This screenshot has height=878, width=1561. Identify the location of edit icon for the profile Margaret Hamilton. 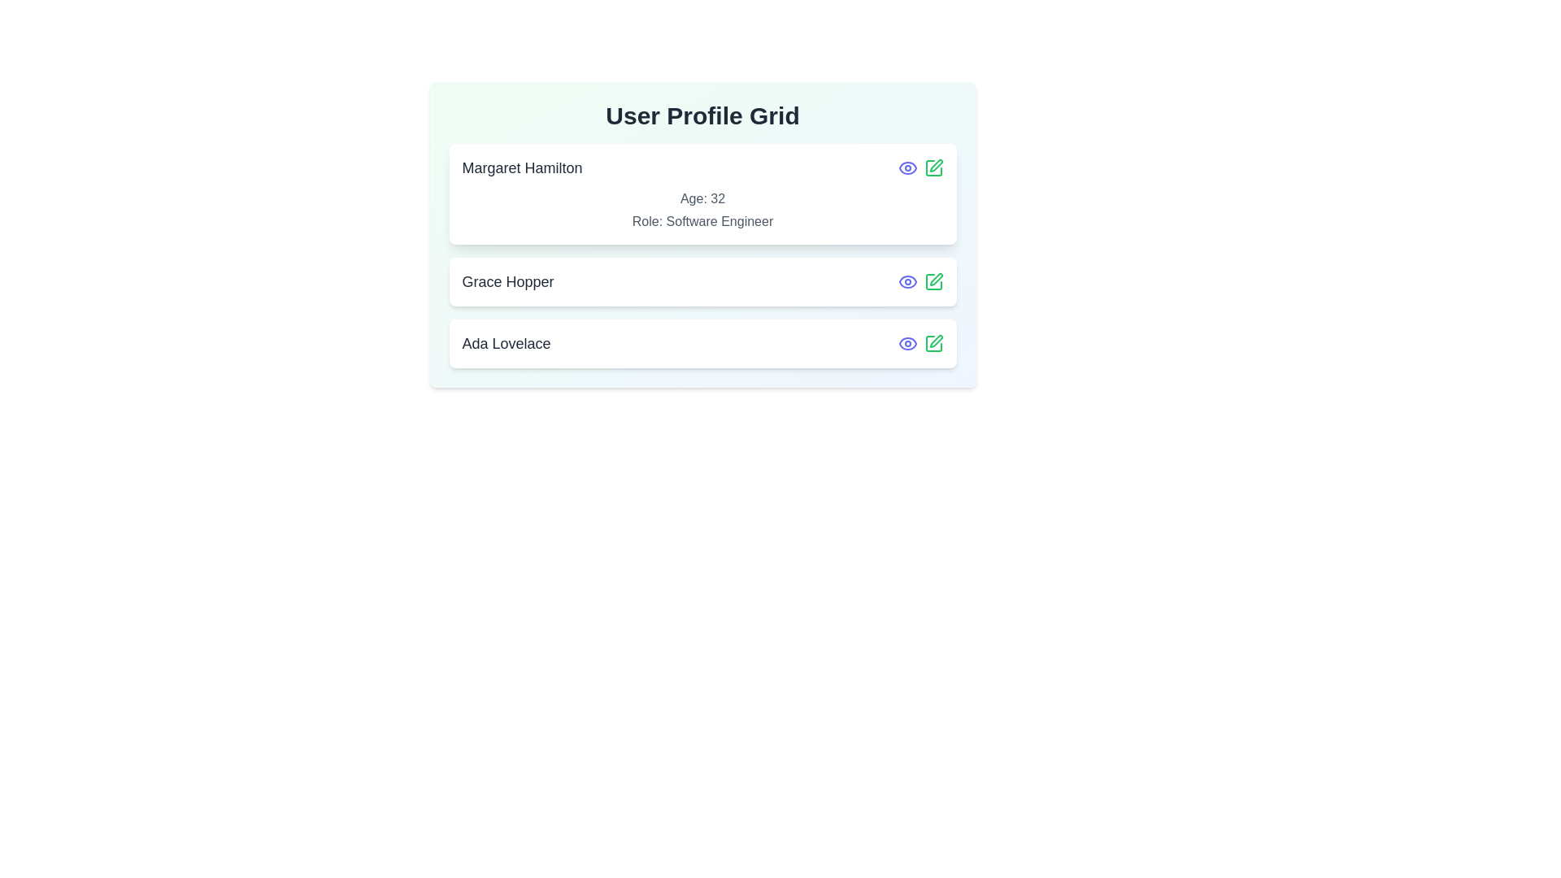
(933, 168).